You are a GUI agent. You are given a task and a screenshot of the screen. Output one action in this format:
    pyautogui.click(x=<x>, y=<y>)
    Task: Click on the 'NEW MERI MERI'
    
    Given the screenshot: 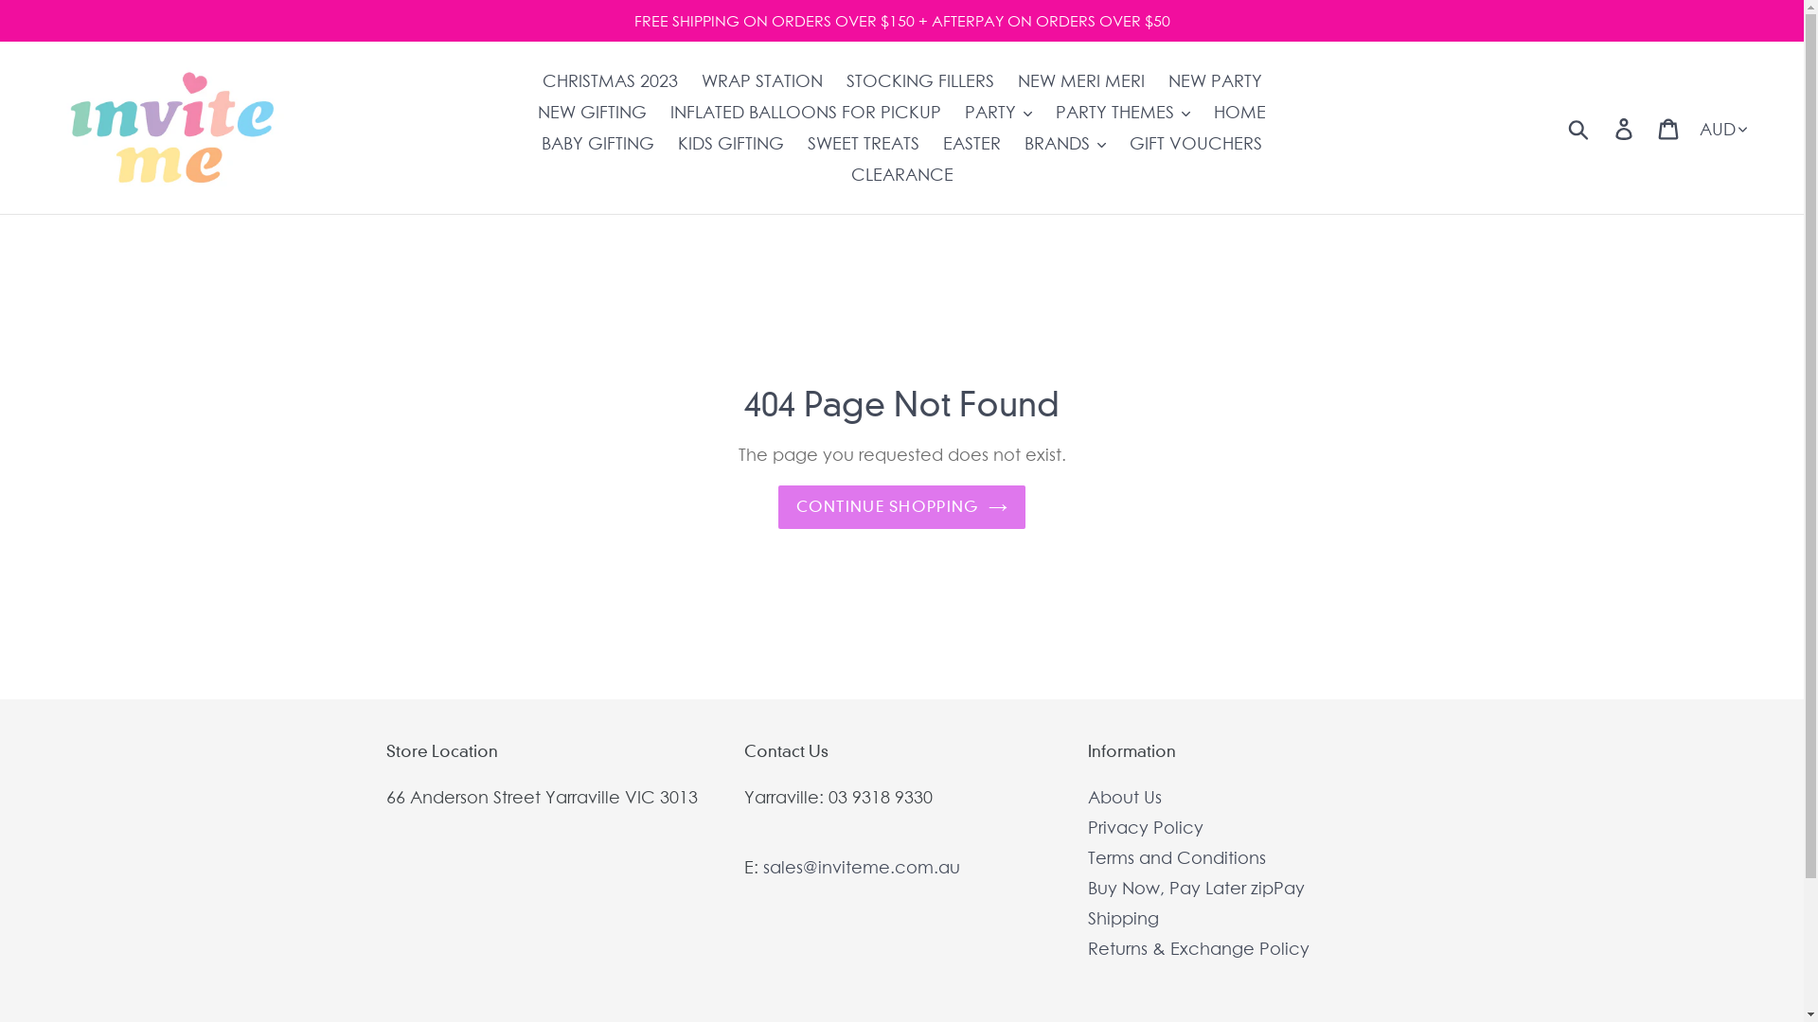 What is the action you would take?
    pyautogui.click(x=1080, y=79)
    